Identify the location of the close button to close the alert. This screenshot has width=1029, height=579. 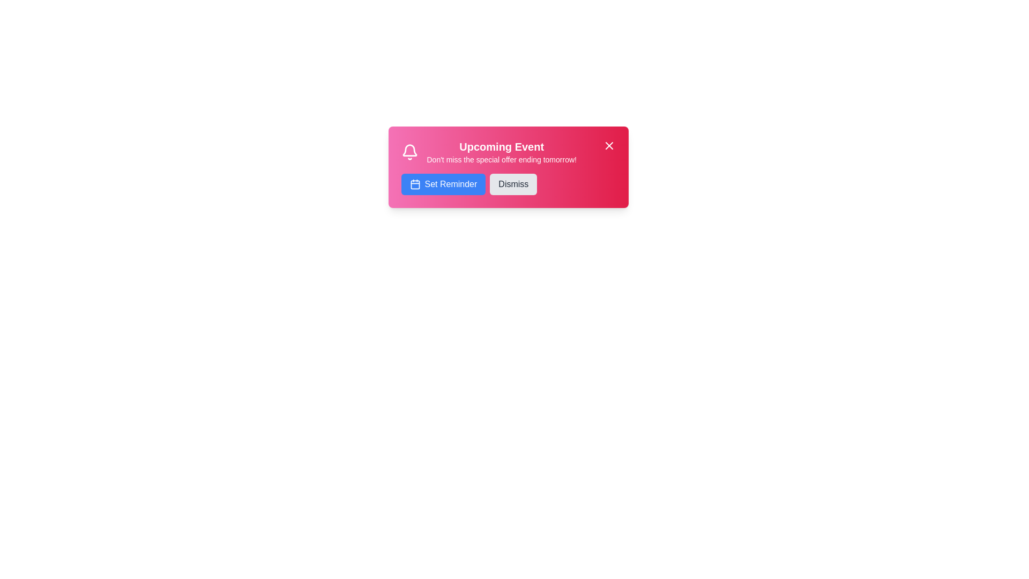
(609, 146).